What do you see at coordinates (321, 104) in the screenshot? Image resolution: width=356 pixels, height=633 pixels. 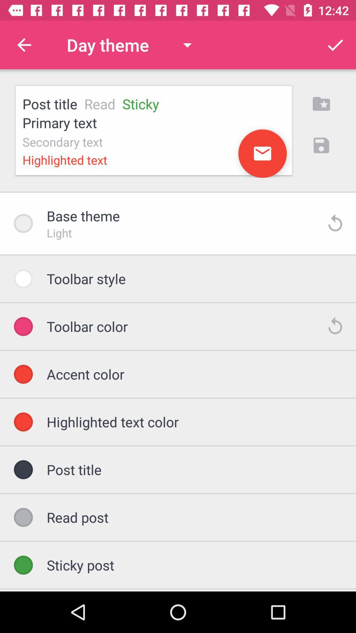 I see `the folder icon` at bounding box center [321, 104].